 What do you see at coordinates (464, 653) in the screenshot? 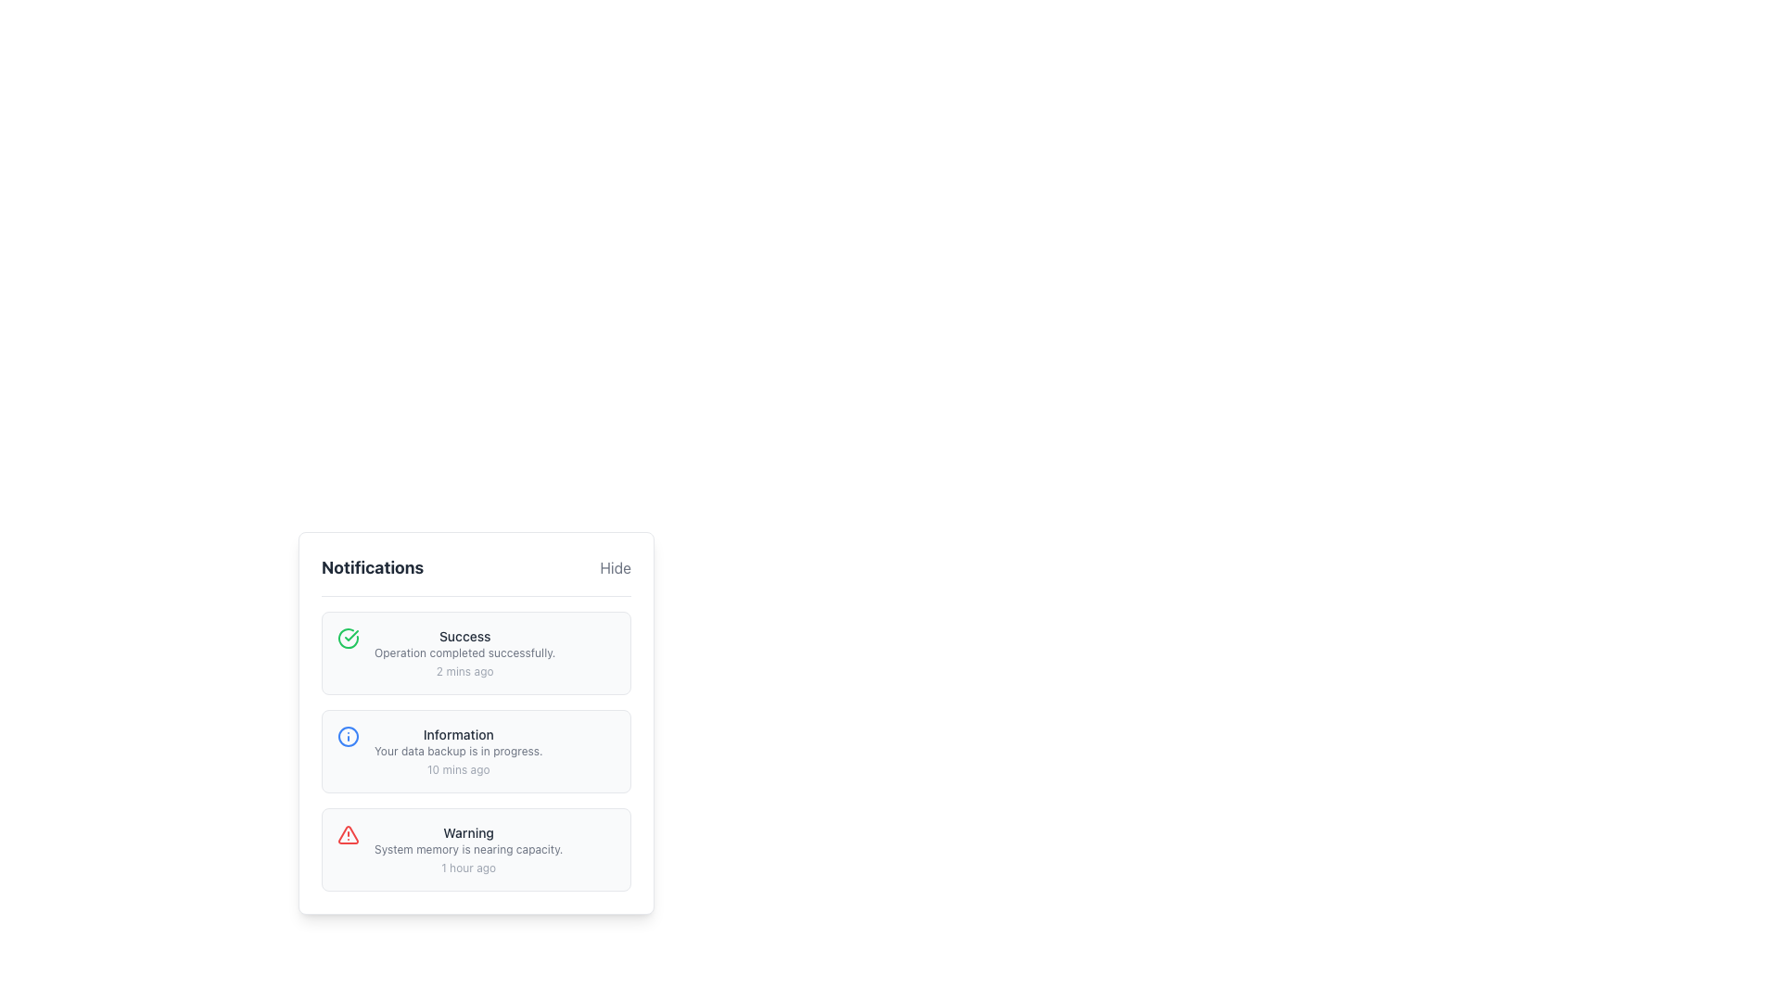
I see `the Text Label that provides details about the success notification located centrally within the notification card in the notifications panel` at bounding box center [464, 653].